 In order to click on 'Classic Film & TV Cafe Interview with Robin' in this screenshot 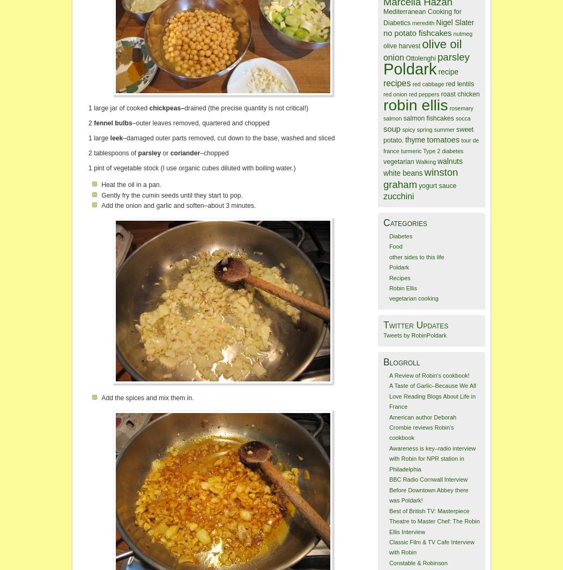, I will do `click(431, 547)`.